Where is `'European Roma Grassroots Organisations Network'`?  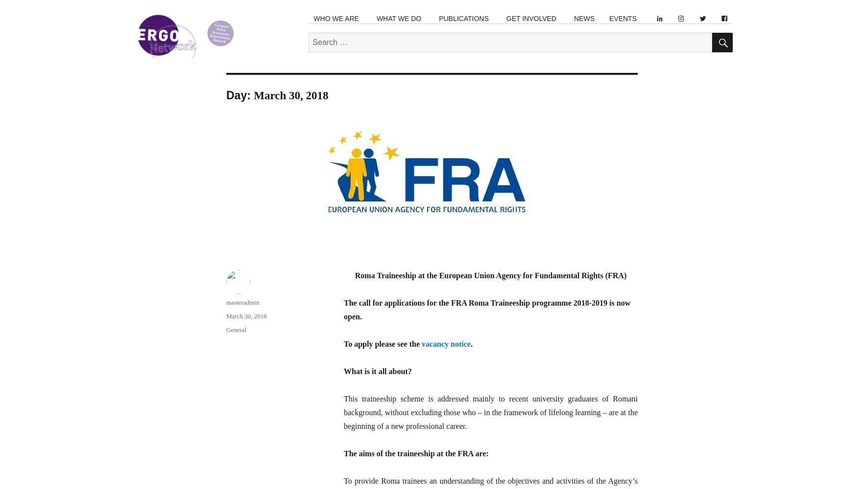
'European Roma Grassroots Organisations Network' is located at coordinates (203, 65).